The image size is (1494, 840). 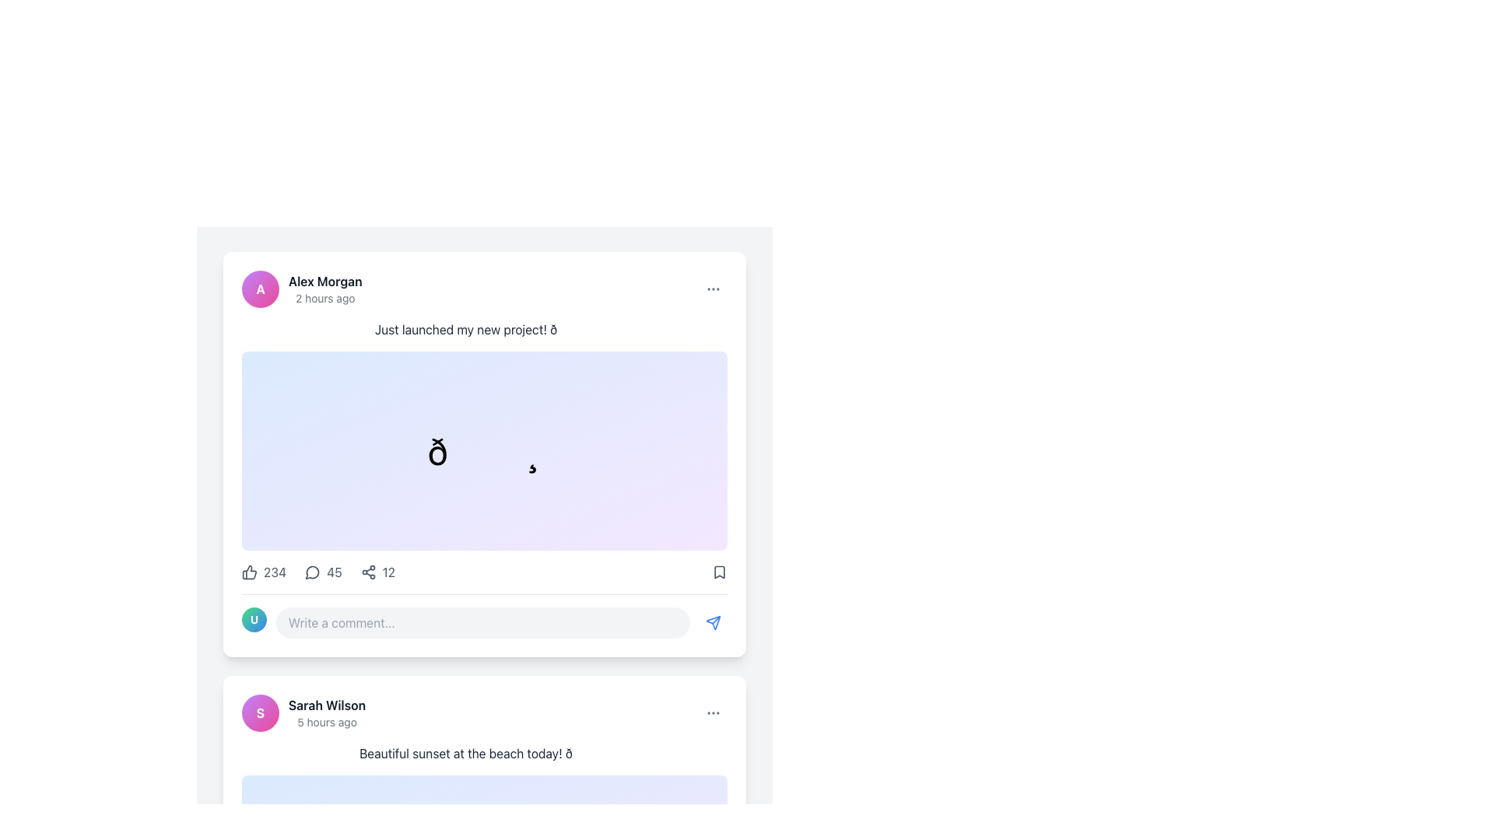 What do you see at coordinates (333, 572) in the screenshot?
I see `the numeric text '45' displayed in gray sans-serif font, located beside a speech bubble icon within the social interaction controls at the bottom of the post card layout` at bounding box center [333, 572].